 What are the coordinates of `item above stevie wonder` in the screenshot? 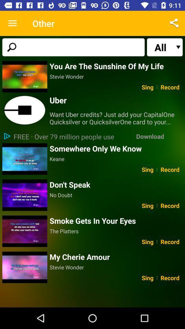 It's located at (116, 66).